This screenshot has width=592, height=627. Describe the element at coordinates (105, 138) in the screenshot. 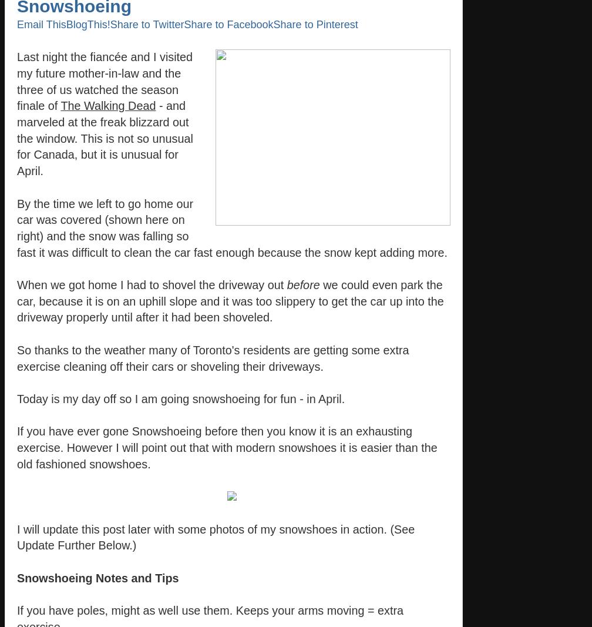

I see `'- and marveled at the freak blizzard out the window. This is not so unusual for Canada, but it is unusual for April.'` at that location.